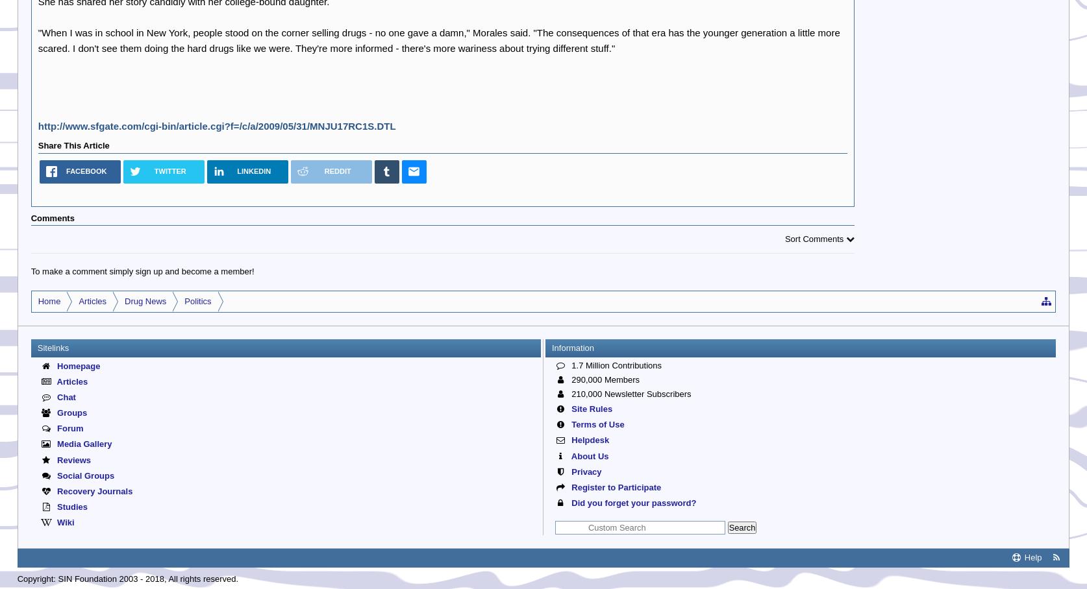 This screenshot has width=1087, height=589. Describe the element at coordinates (73, 145) in the screenshot. I see `'Share This Article'` at that location.